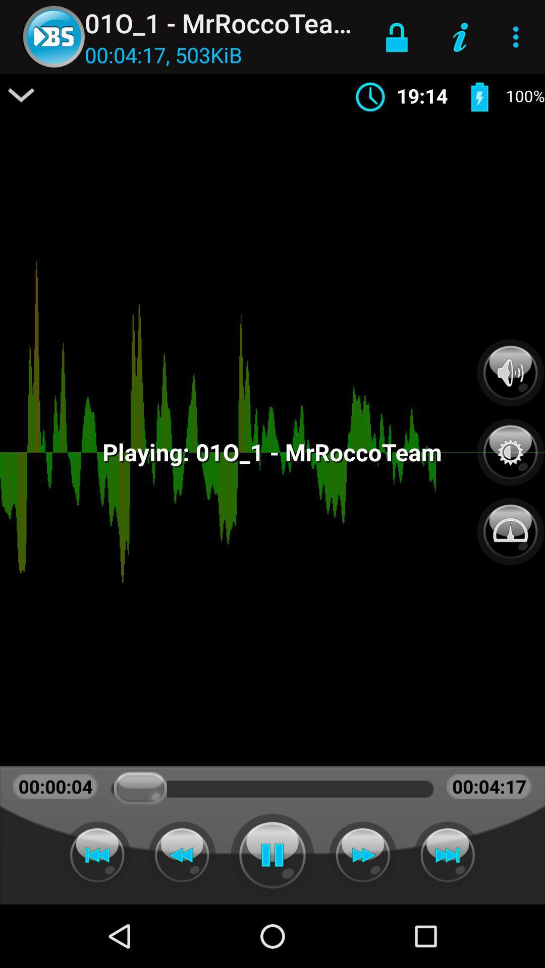  I want to click on next, so click(362, 855).